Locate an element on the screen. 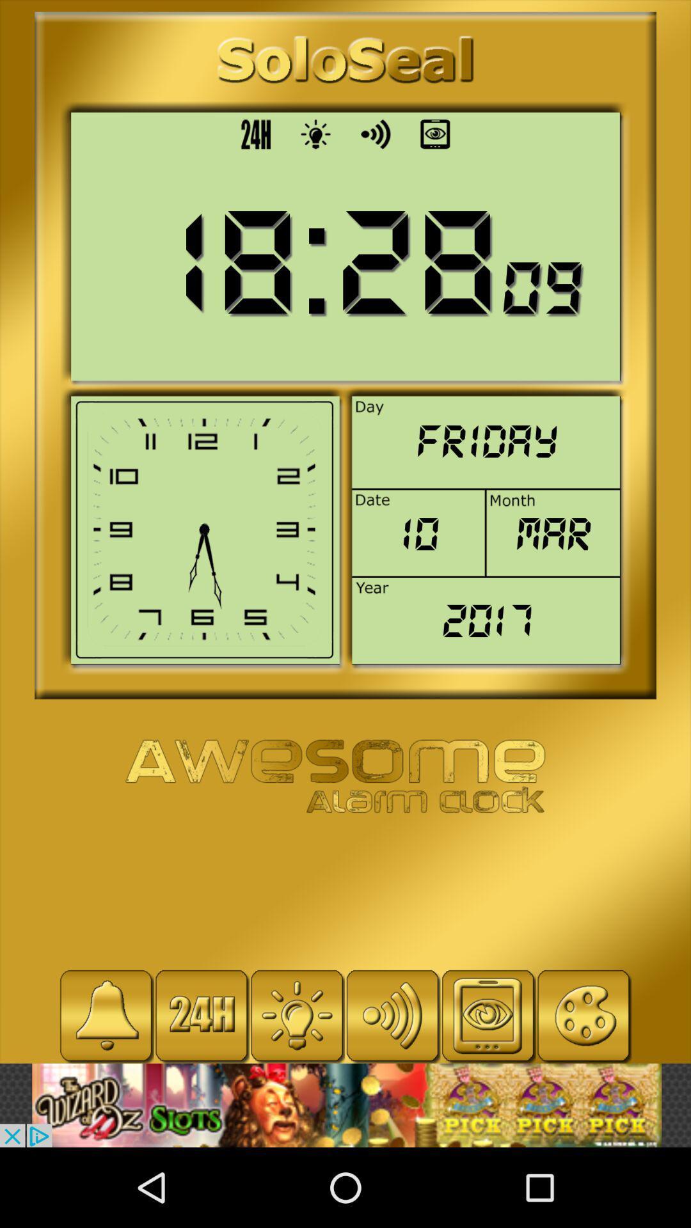  wi-fi selected is located at coordinates (392, 1015).